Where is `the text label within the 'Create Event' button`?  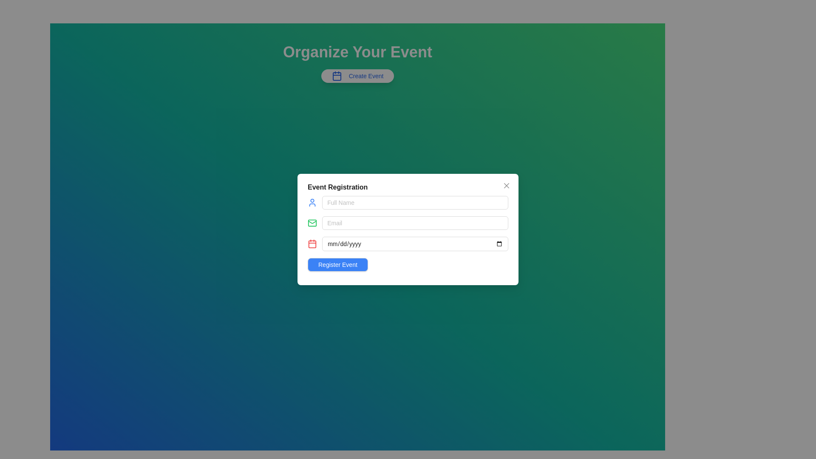 the text label within the 'Create Event' button is located at coordinates (366, 75).